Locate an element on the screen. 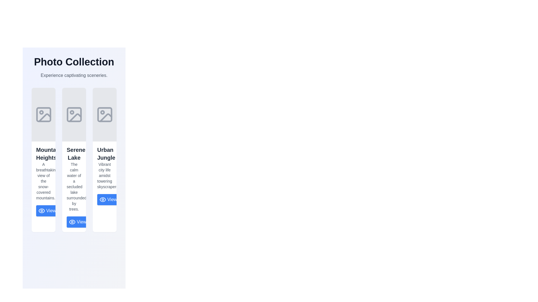 The height and width of the screenshot is (302, 538). the static text element that provides context for the gallery, located below the 'Photo Collection' heading and above the gallery grid is located at coordinates (74, 75).